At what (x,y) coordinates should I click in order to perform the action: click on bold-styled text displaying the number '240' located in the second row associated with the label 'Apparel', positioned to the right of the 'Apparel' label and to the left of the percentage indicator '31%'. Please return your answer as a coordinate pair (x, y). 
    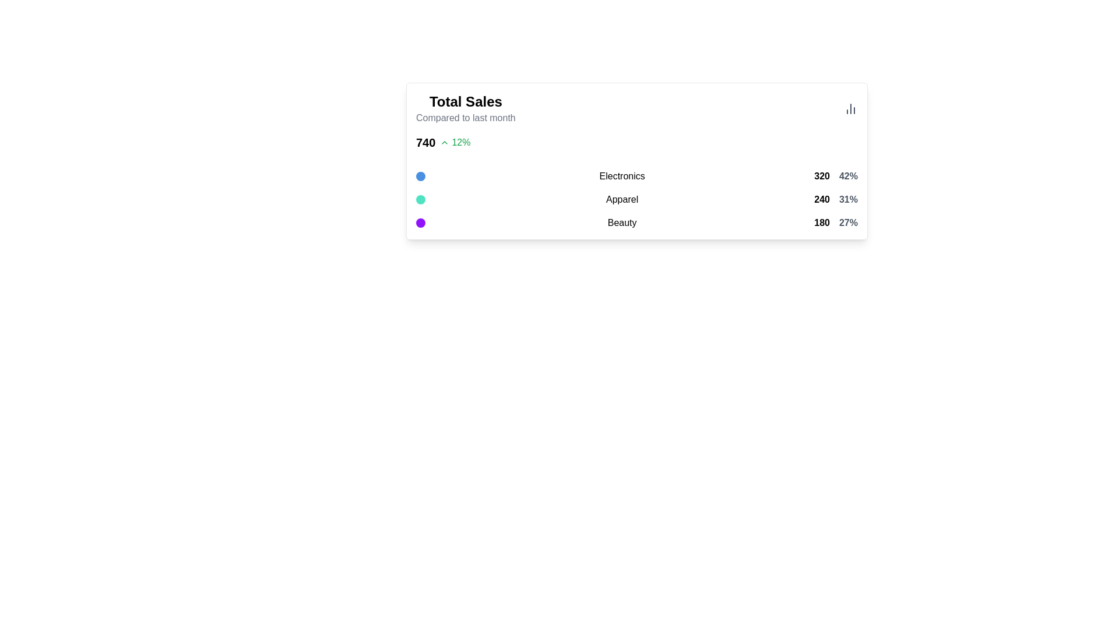
    Looking at the image, I should click on (821, 199).